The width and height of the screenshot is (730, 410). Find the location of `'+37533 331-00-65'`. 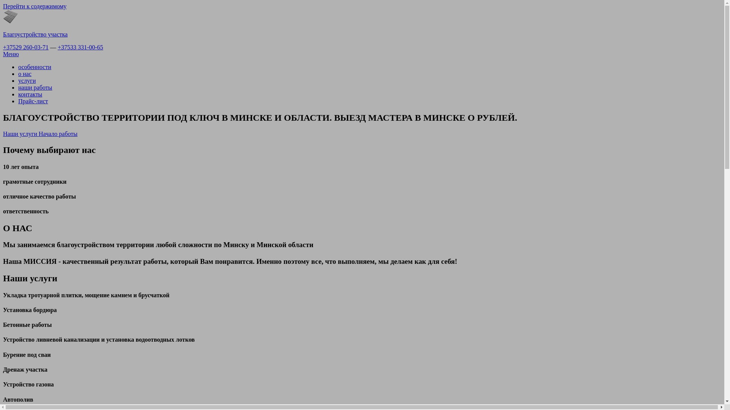

'+37533 331-00-65' is located at coordinates (80, 47).